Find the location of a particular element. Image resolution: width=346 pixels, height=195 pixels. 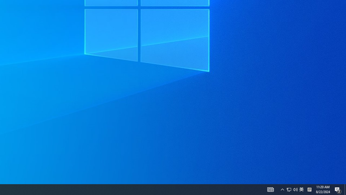

'Notification Chevron' is located at coordinates (270, 189).